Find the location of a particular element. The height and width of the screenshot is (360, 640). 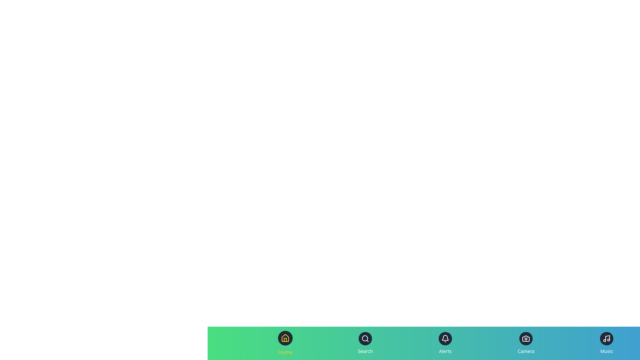

the Home button, which resembles a dark circular button with a house icon and yellow text below it is located at coordinates (285, 343).